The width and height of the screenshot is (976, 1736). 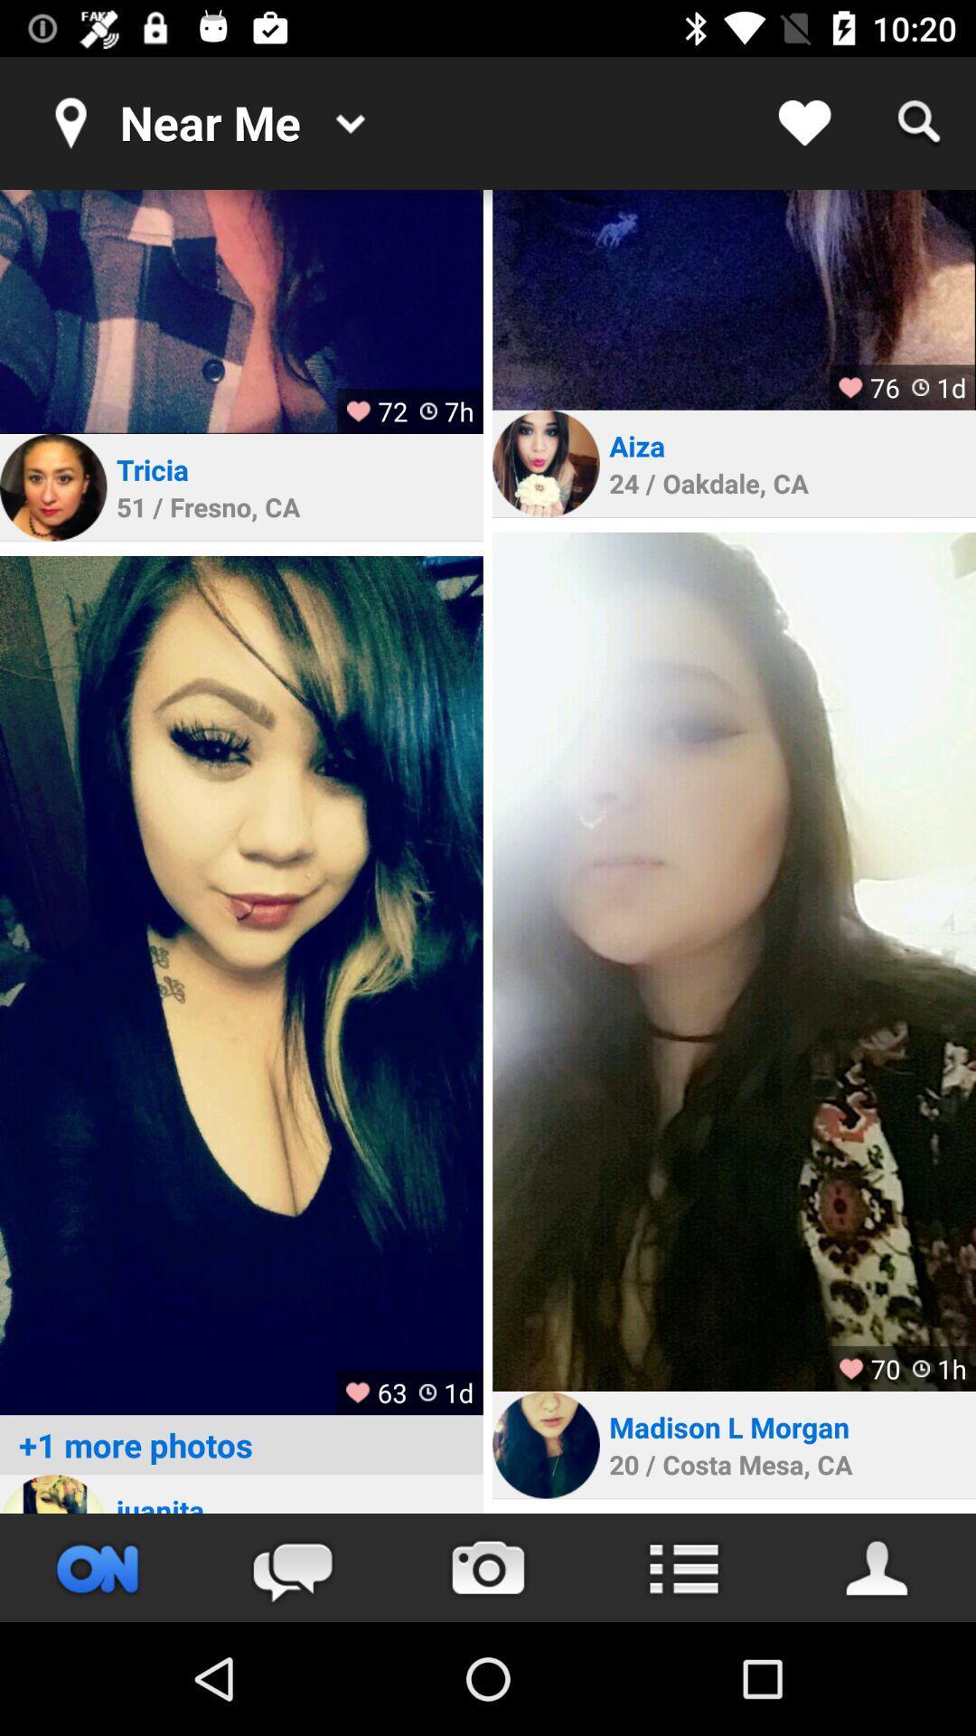 What do you see at coordinates (545, 1444) in the screenshot?
I see `view profile picture` at bounding box center [545, 1444].